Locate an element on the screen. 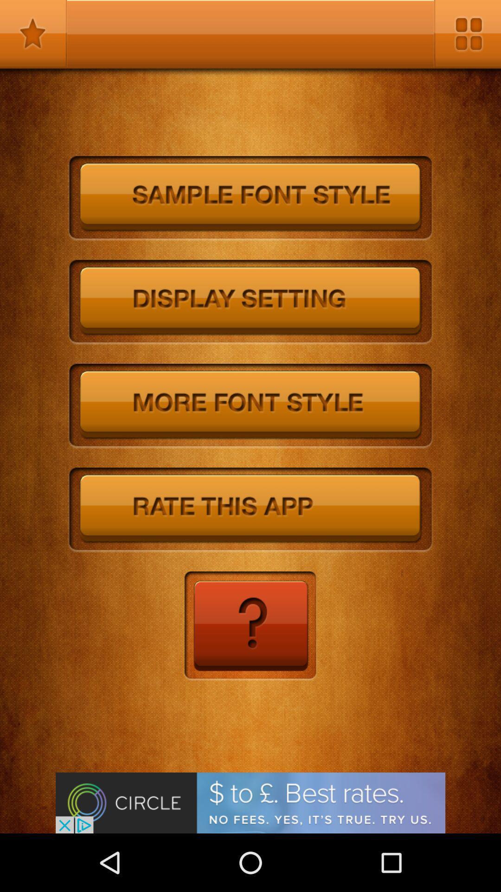  this advertisement is located at coordinates (250, 802).